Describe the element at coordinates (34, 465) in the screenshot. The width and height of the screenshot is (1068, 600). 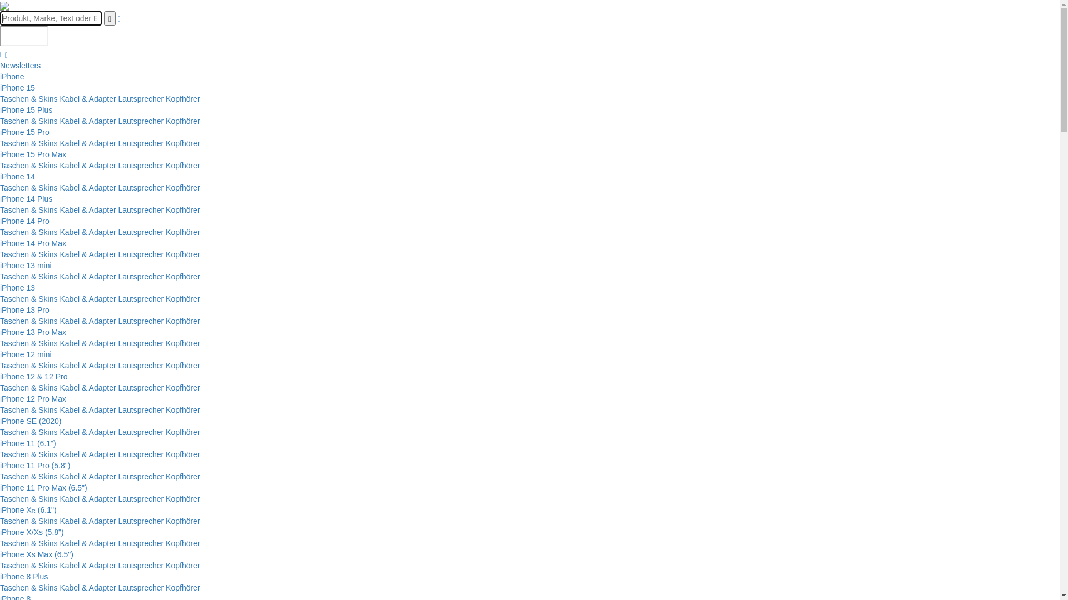
I see `'iPhone 11 Pro (5.8")'` at that location.